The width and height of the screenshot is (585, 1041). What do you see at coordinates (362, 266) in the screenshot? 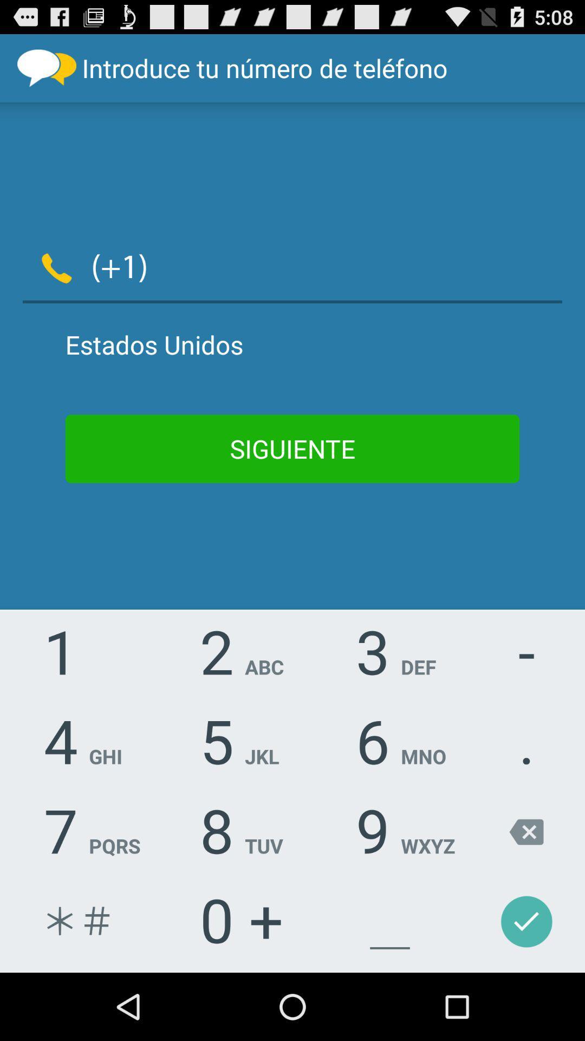
I see `ender the text box` at bounding box center [362, 266].